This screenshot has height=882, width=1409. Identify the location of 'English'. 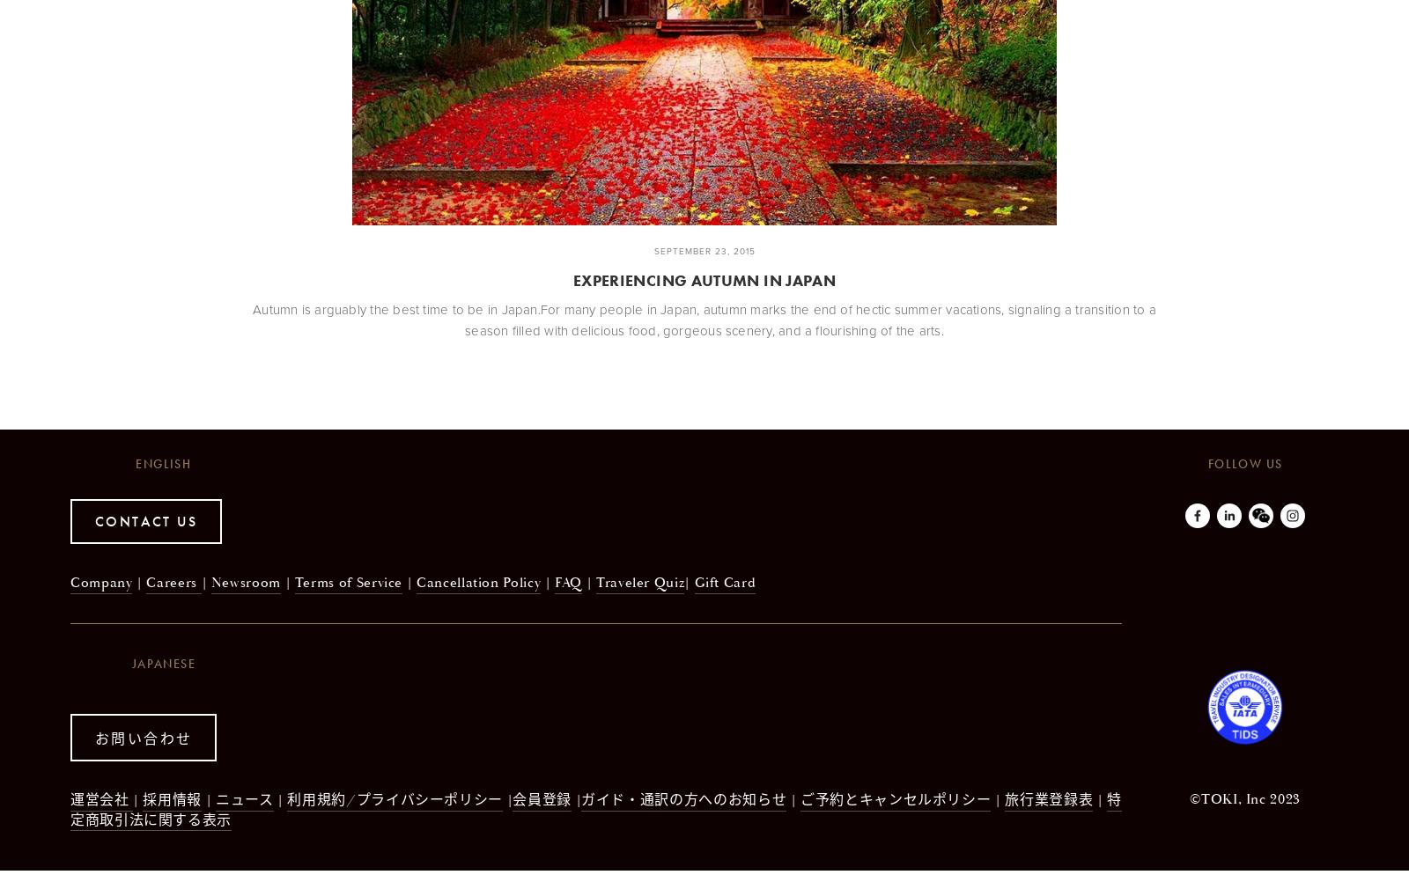
(162, 463).